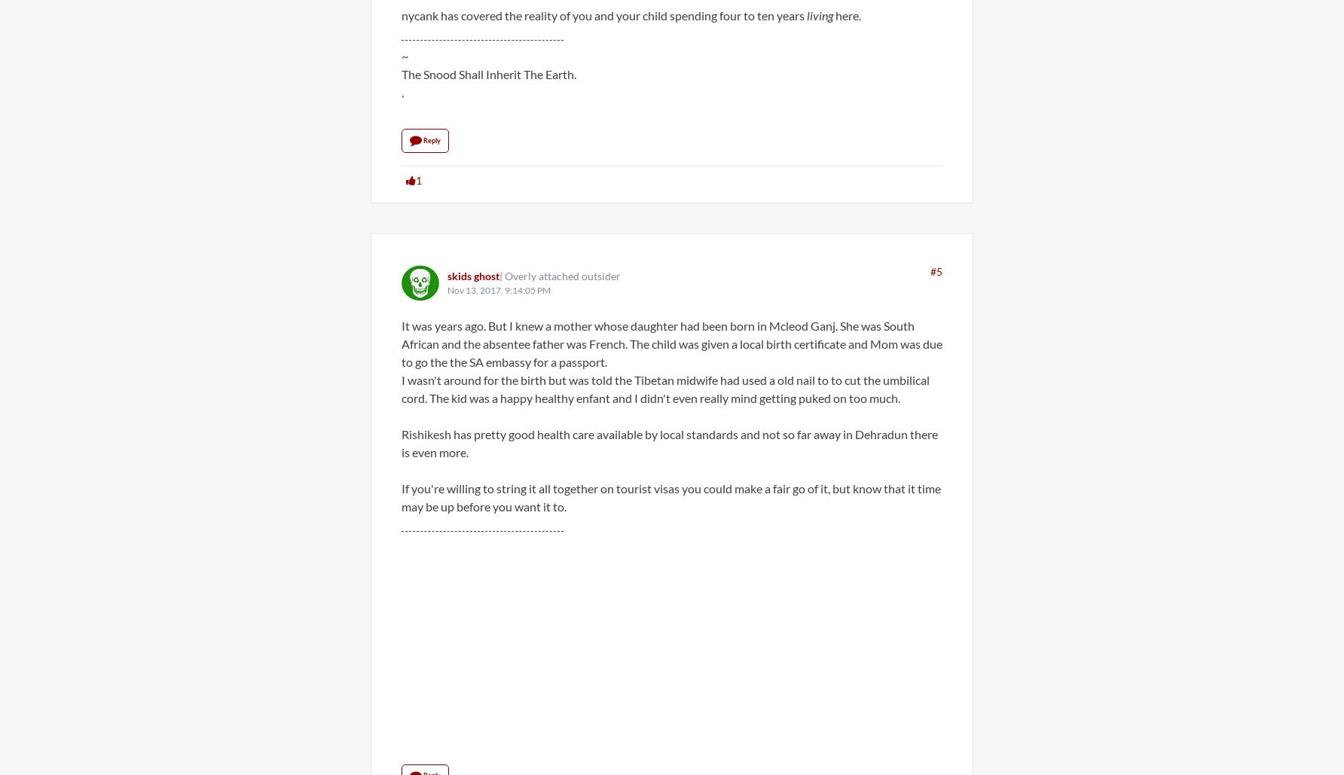  I want to click on 'here.', so click(847, 15).